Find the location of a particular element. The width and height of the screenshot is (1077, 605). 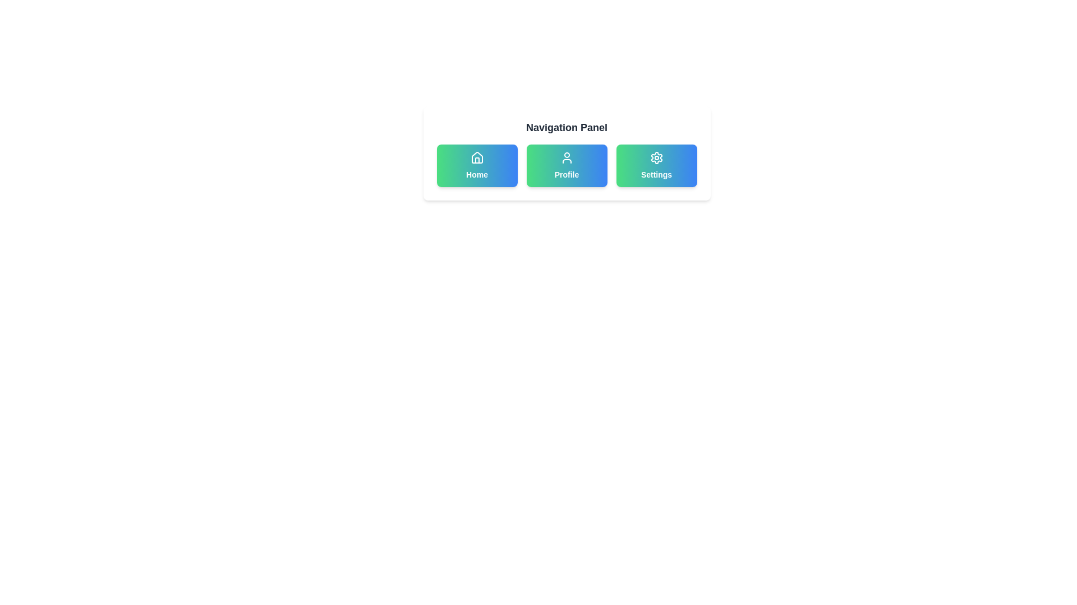

the 'Profile' button located in the central column between 'Home' and 'Settings' is located at coordinates (567, 166).